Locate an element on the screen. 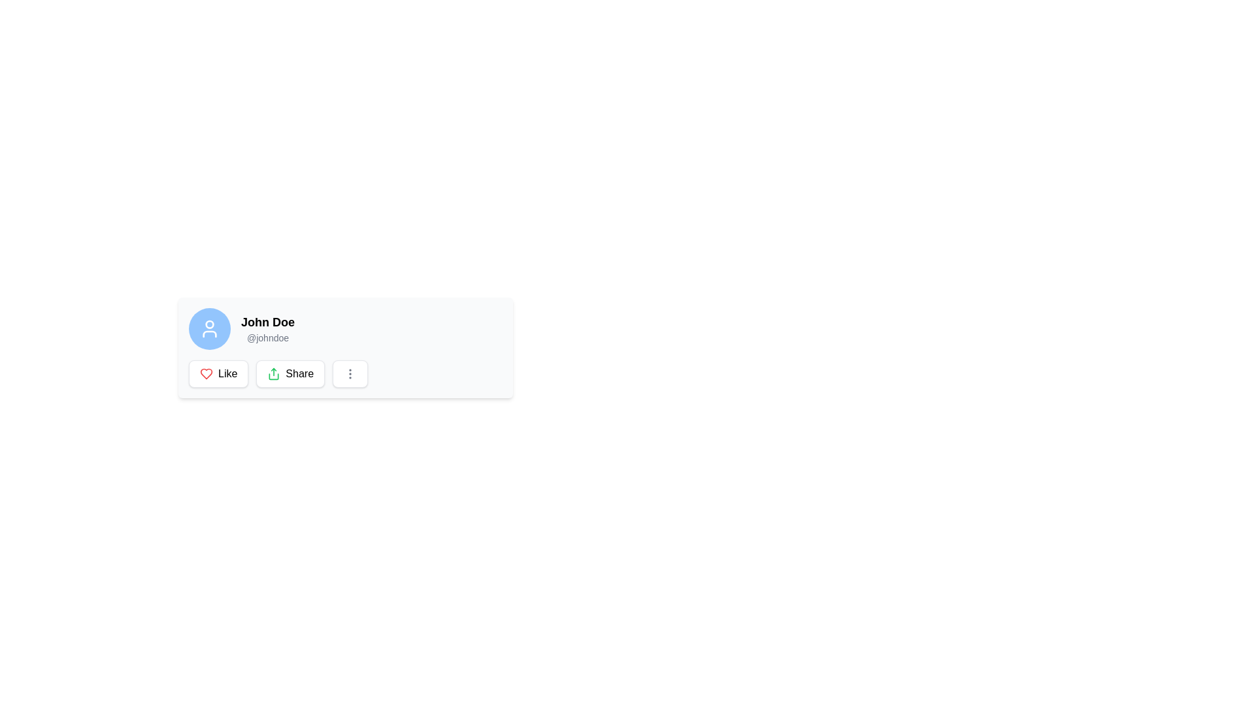 This screenshot has width=1255, height=705. the Circle SVG element that represents a decorative or functional aspect of the user profile avatar, located near the center of the avatar icon is located at coordinates (210, 324).